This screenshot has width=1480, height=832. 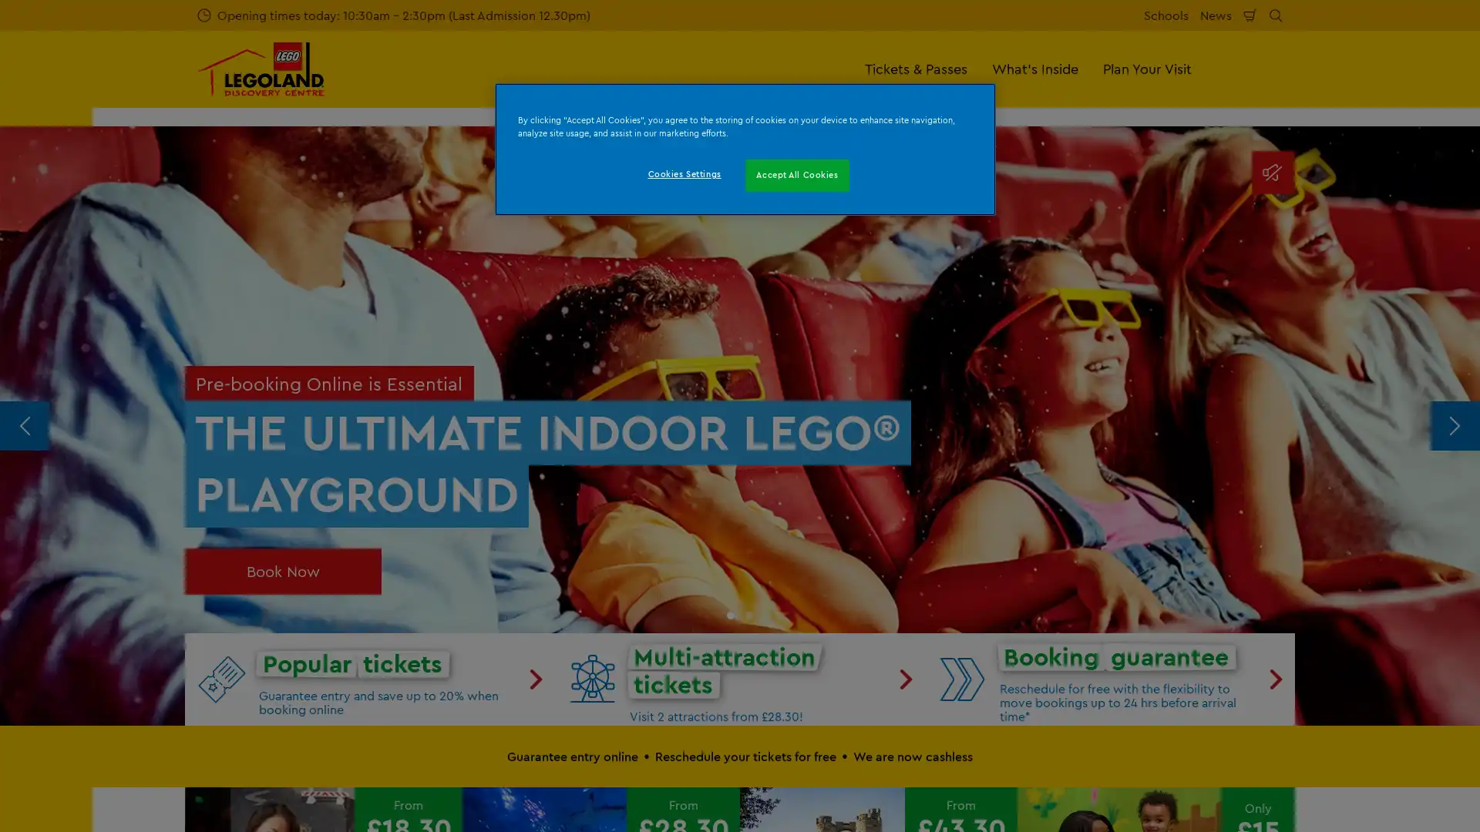 What do you see at coordinates (797, 174) in the screenshot?
I see `Accept All Cookies` at bounding box center [797, 174].